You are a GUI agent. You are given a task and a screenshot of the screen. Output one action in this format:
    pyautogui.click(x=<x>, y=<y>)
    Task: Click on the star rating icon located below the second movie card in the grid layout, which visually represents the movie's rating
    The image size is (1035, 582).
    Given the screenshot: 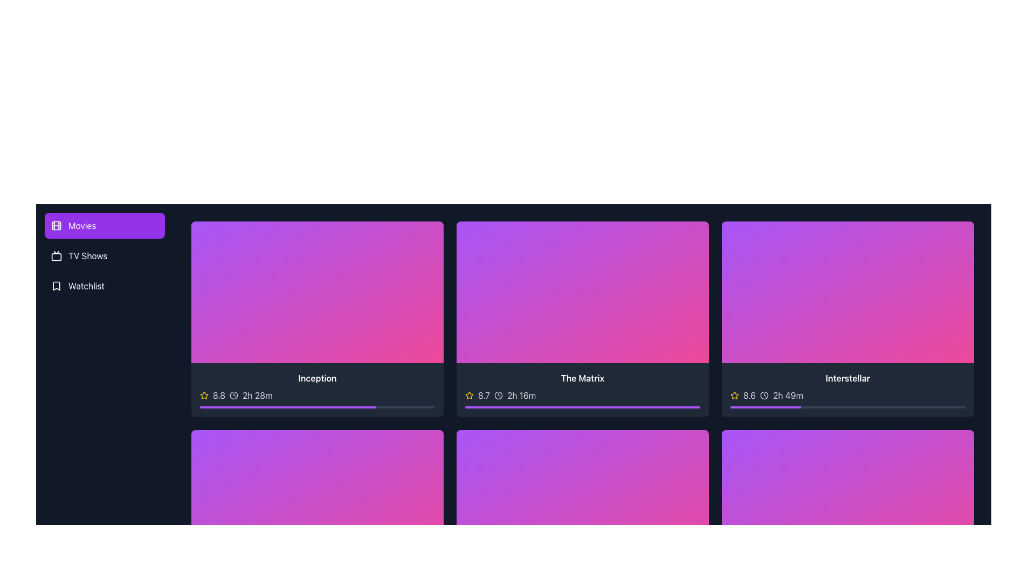 What is the action you would take?
    pyautogui.click(x=469, y=395)
    